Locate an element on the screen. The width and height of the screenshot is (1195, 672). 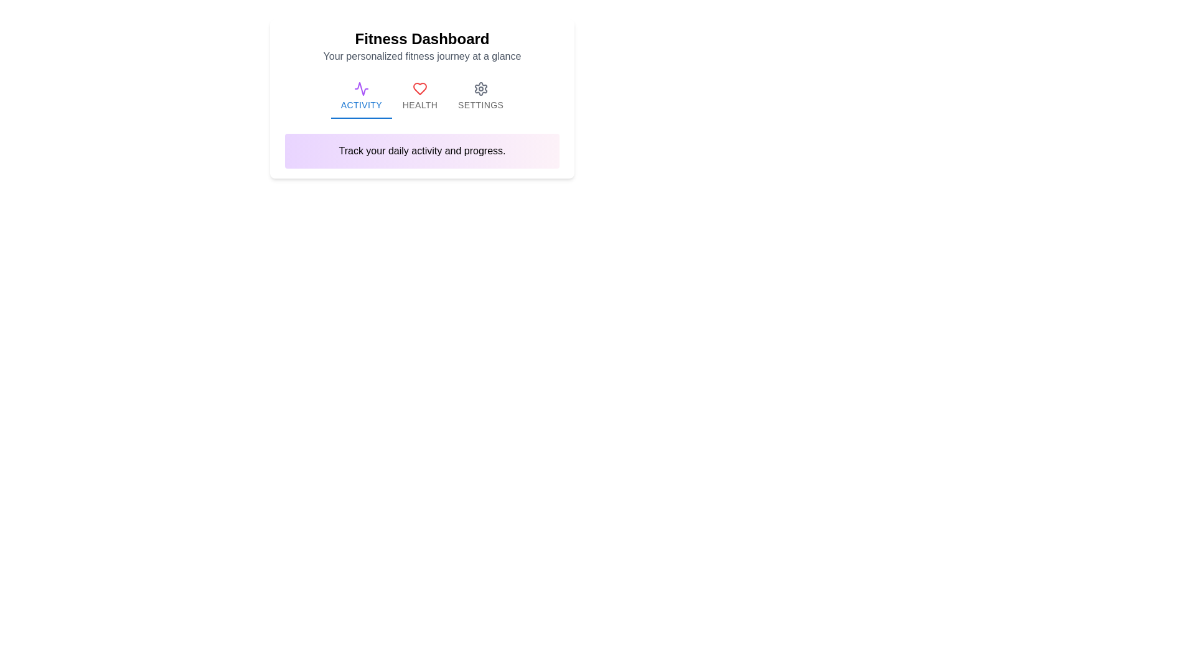
the purple waveform icon representing the 'Activity' tab in the Fitness Dashboard interface is located at coordinates (360, 88).